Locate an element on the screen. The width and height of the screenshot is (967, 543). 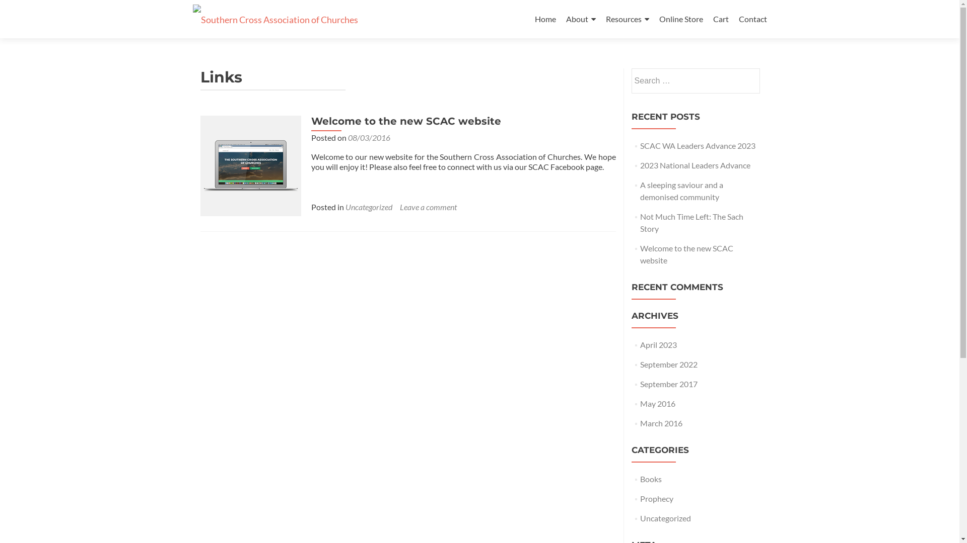
'Cart' is located at coordinates (720, 19).